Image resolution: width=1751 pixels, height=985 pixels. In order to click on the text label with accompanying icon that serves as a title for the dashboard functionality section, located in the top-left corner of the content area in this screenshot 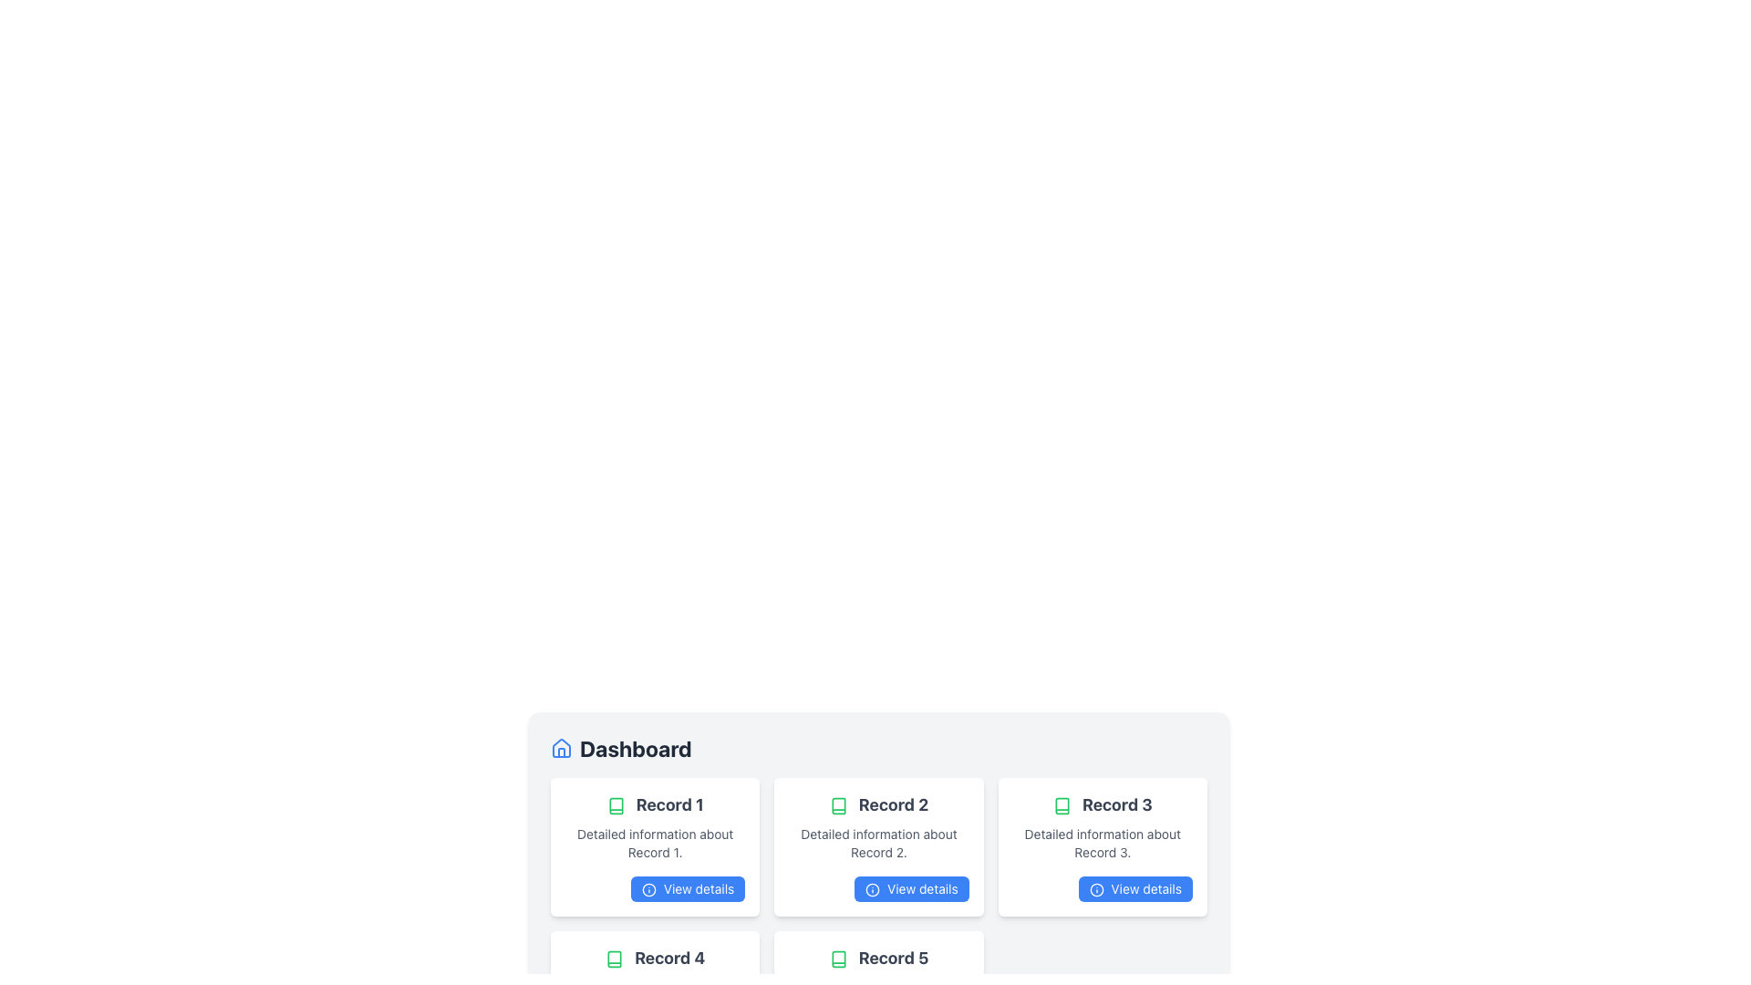, I will do `click(621, 749)`.